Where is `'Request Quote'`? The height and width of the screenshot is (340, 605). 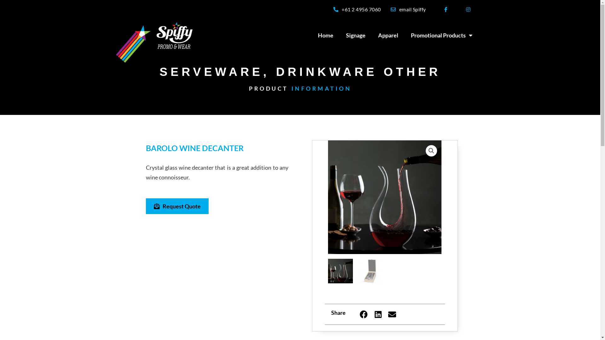 'Request Quote' is located at coordinates (145, 206).